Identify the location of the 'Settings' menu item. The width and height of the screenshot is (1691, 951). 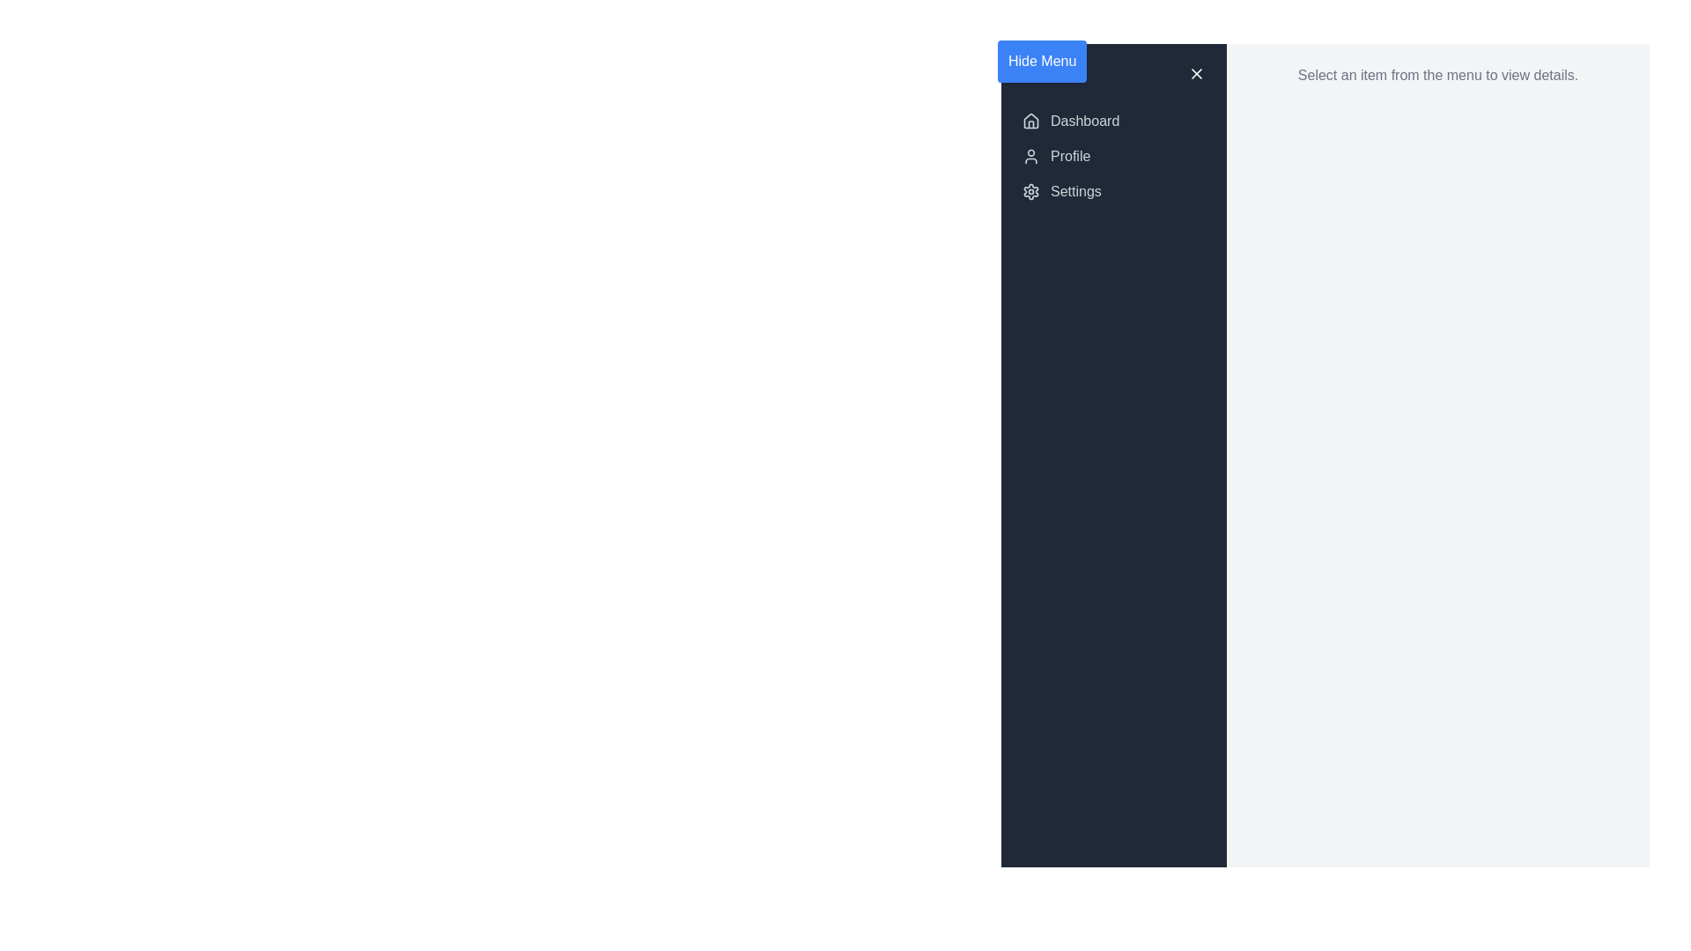
(1113, 192).